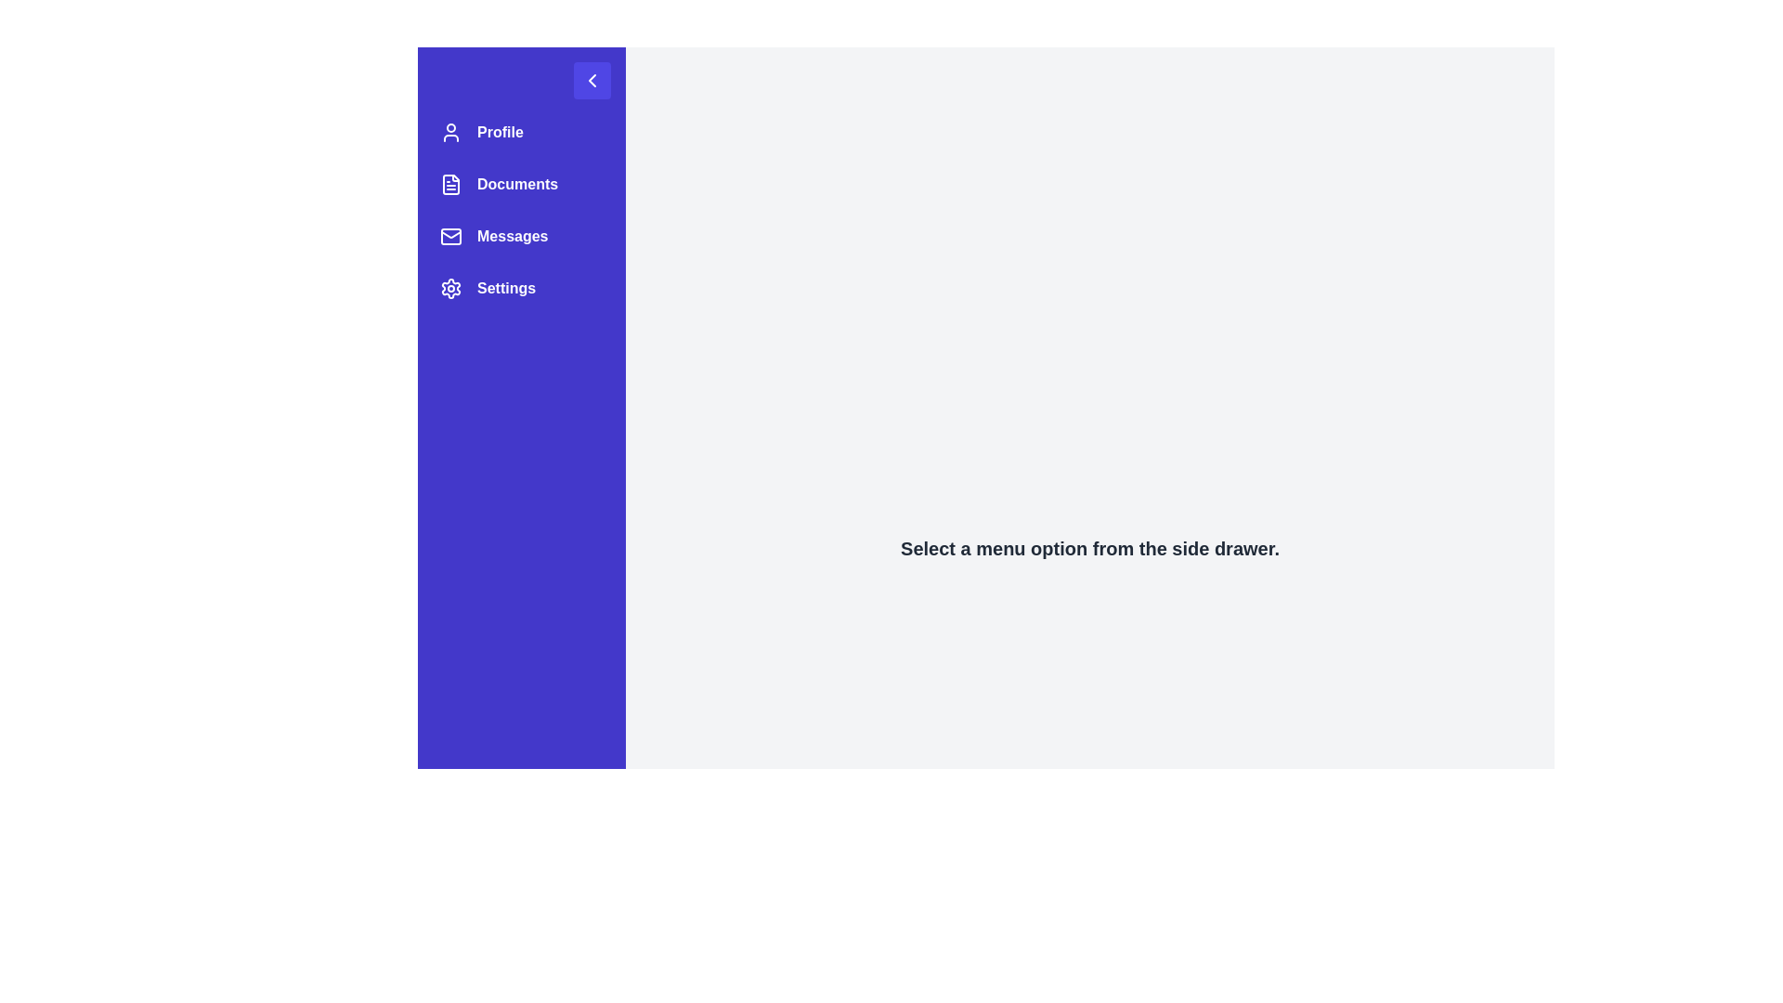 Image resolution: width=1783 pixels, height=1003 pixels. What do you see at coordinates (520, 185) in the screenshot?
I see `the 'Documents' interactive menu item, which is located in the left navigation bar, positioned below 'Profile' and above 'Messages'` at bounding box center [520, 185].